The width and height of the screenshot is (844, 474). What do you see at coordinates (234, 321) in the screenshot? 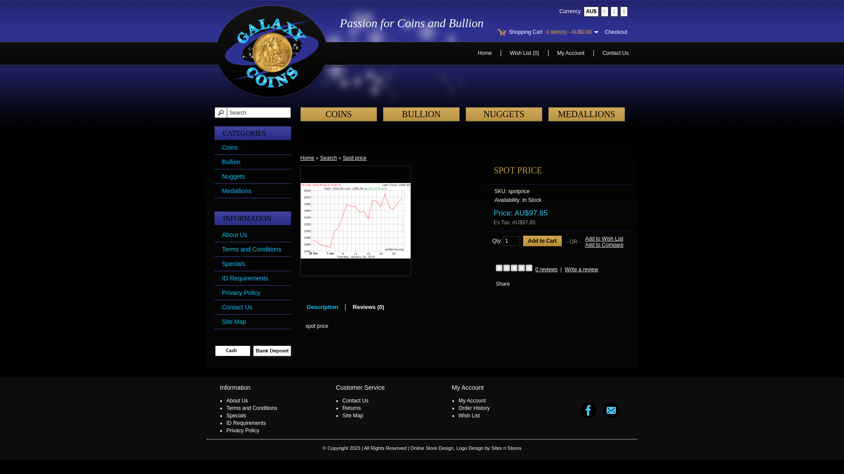
I see `'Site Map'` at bounding box center [234, 321].